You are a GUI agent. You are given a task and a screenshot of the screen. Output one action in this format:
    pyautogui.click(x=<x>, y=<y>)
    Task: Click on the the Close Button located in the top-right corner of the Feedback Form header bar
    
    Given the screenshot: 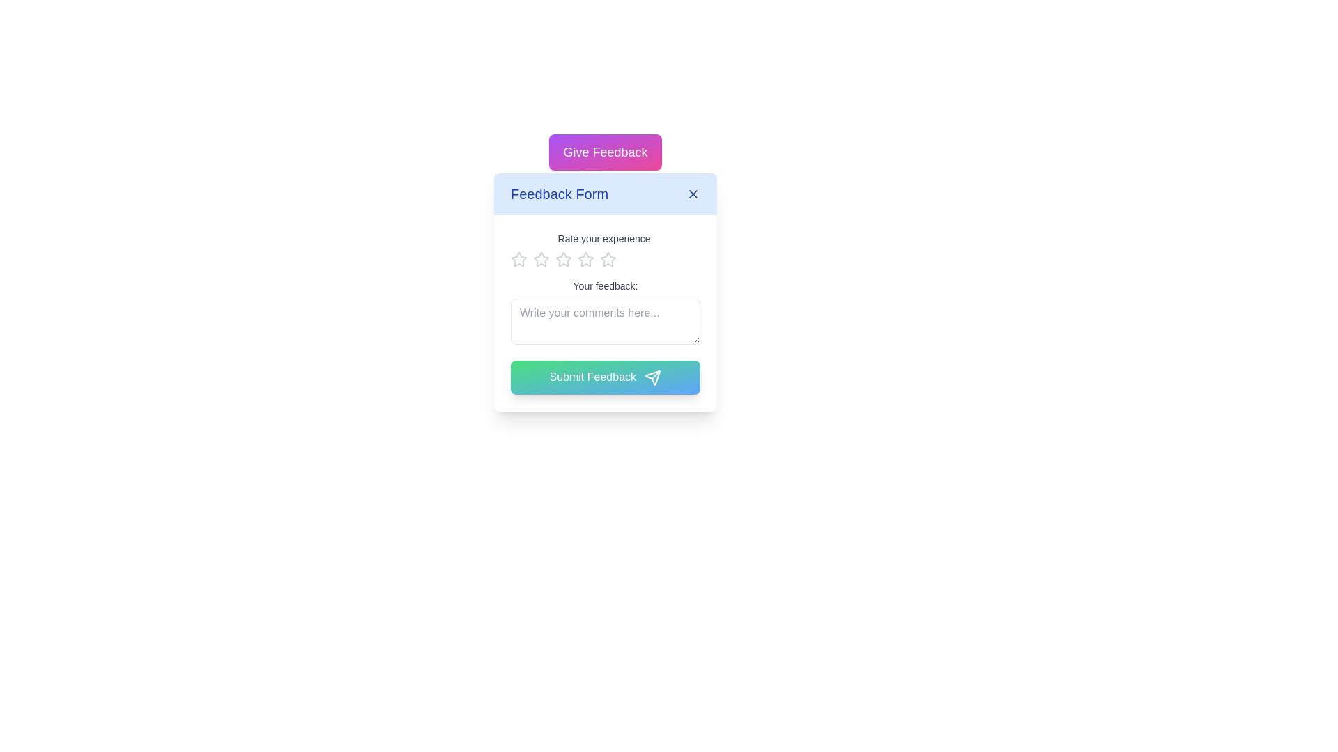 What is the action you would take?
    pyautogui.click(x=693, y=194)
    